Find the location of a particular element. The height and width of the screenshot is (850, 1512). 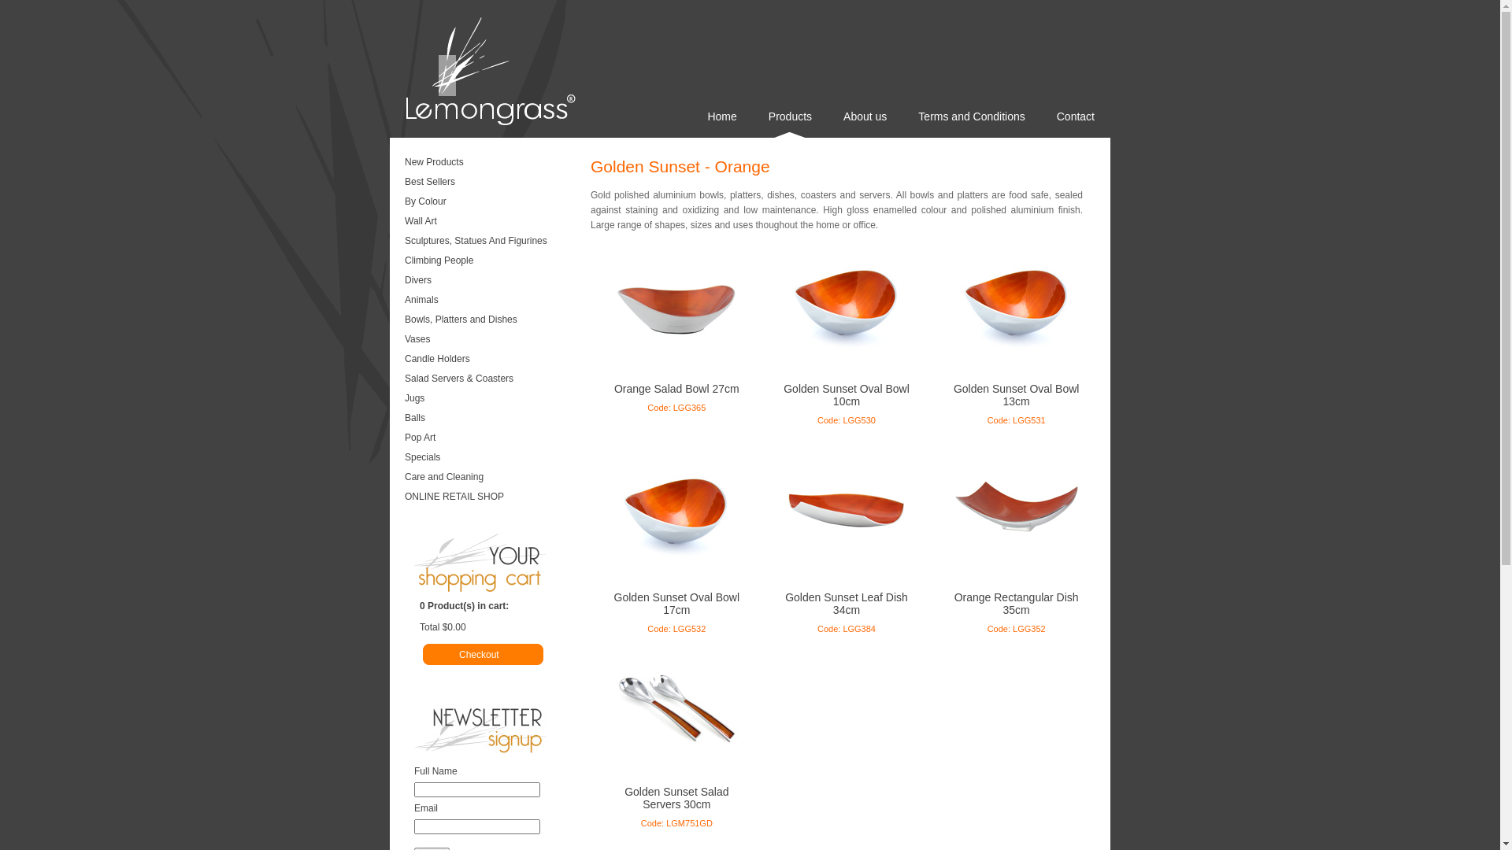

'Bowls, Platters and Dishes' is located at coordinates (487, 320).